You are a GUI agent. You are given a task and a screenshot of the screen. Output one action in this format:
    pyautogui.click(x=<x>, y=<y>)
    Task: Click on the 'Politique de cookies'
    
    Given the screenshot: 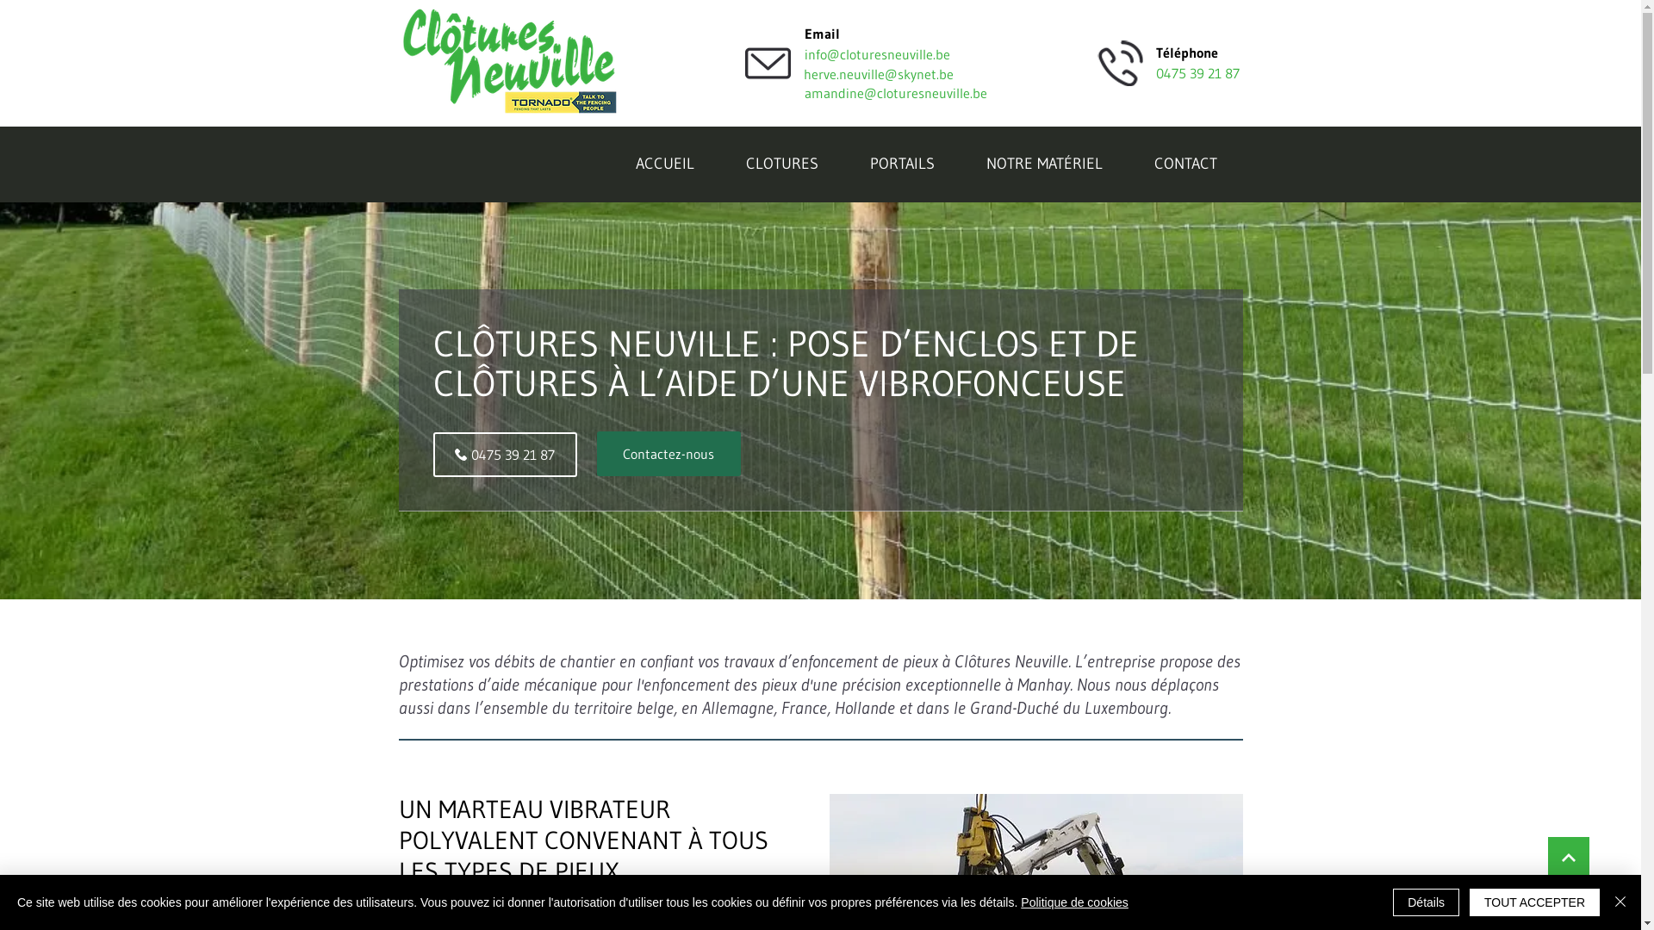 What is the action you would take?
    pyautogui.click(x=1073, y=902)
    